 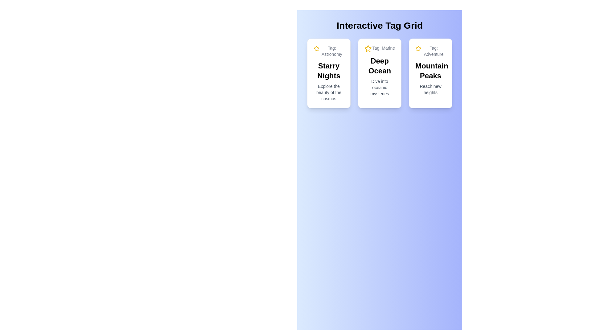 What do you see at coordinates (418, 48) in the screenshot?
I see `the yellow star-shaped icon indicating a rating or favorite, located to the left of the 'Tag: Adventure' text in the top portion of the rightmost card in a horizontally arranged grid` at bounding box center [418, 48].